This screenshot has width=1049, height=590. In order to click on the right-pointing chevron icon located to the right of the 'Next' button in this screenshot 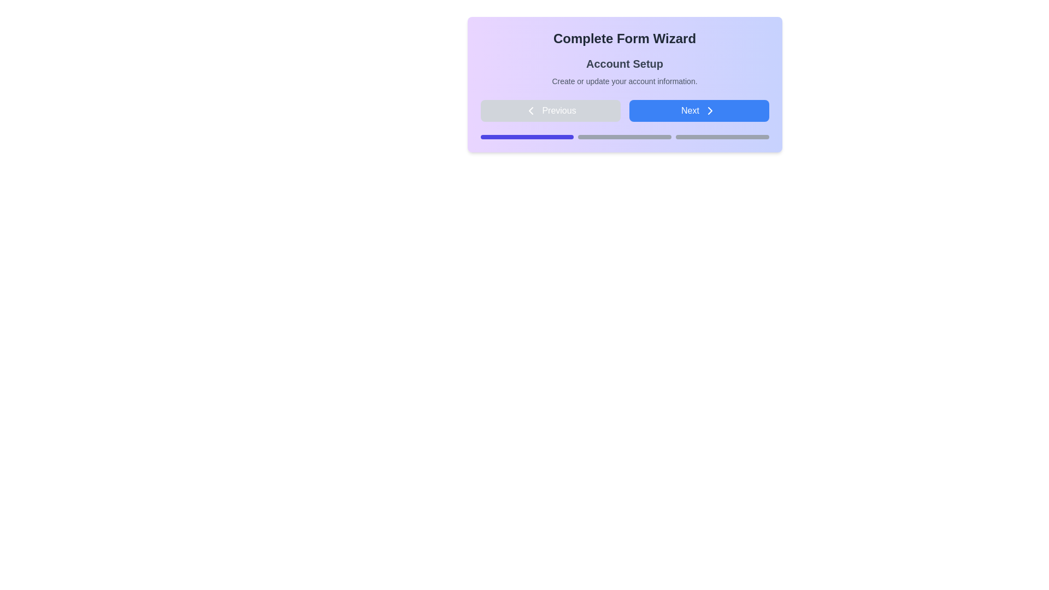, I will do `click(710, 111)`.